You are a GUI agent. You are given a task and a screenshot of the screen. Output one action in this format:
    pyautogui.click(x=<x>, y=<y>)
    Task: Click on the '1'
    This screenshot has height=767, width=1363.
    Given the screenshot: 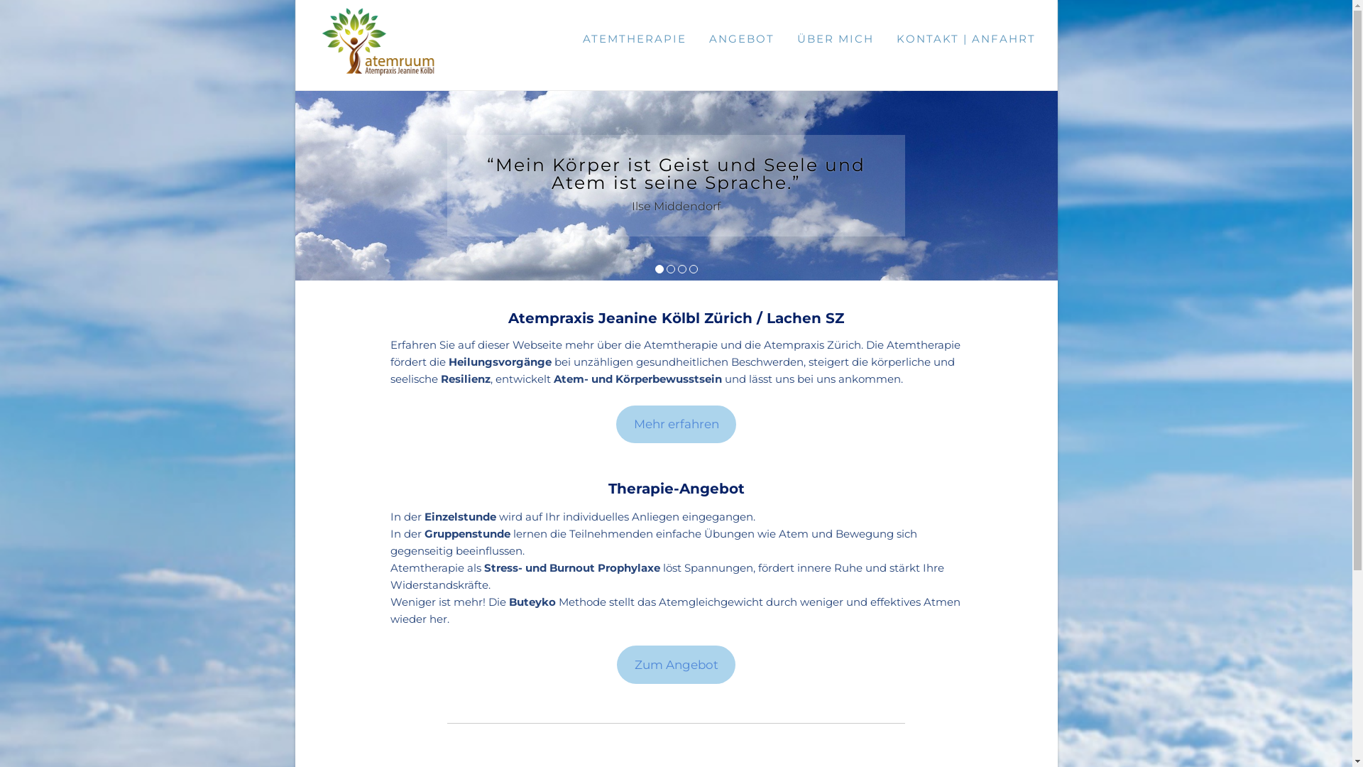 What is the action you would take?
    pyautogui.click(x=652, y=270)
    